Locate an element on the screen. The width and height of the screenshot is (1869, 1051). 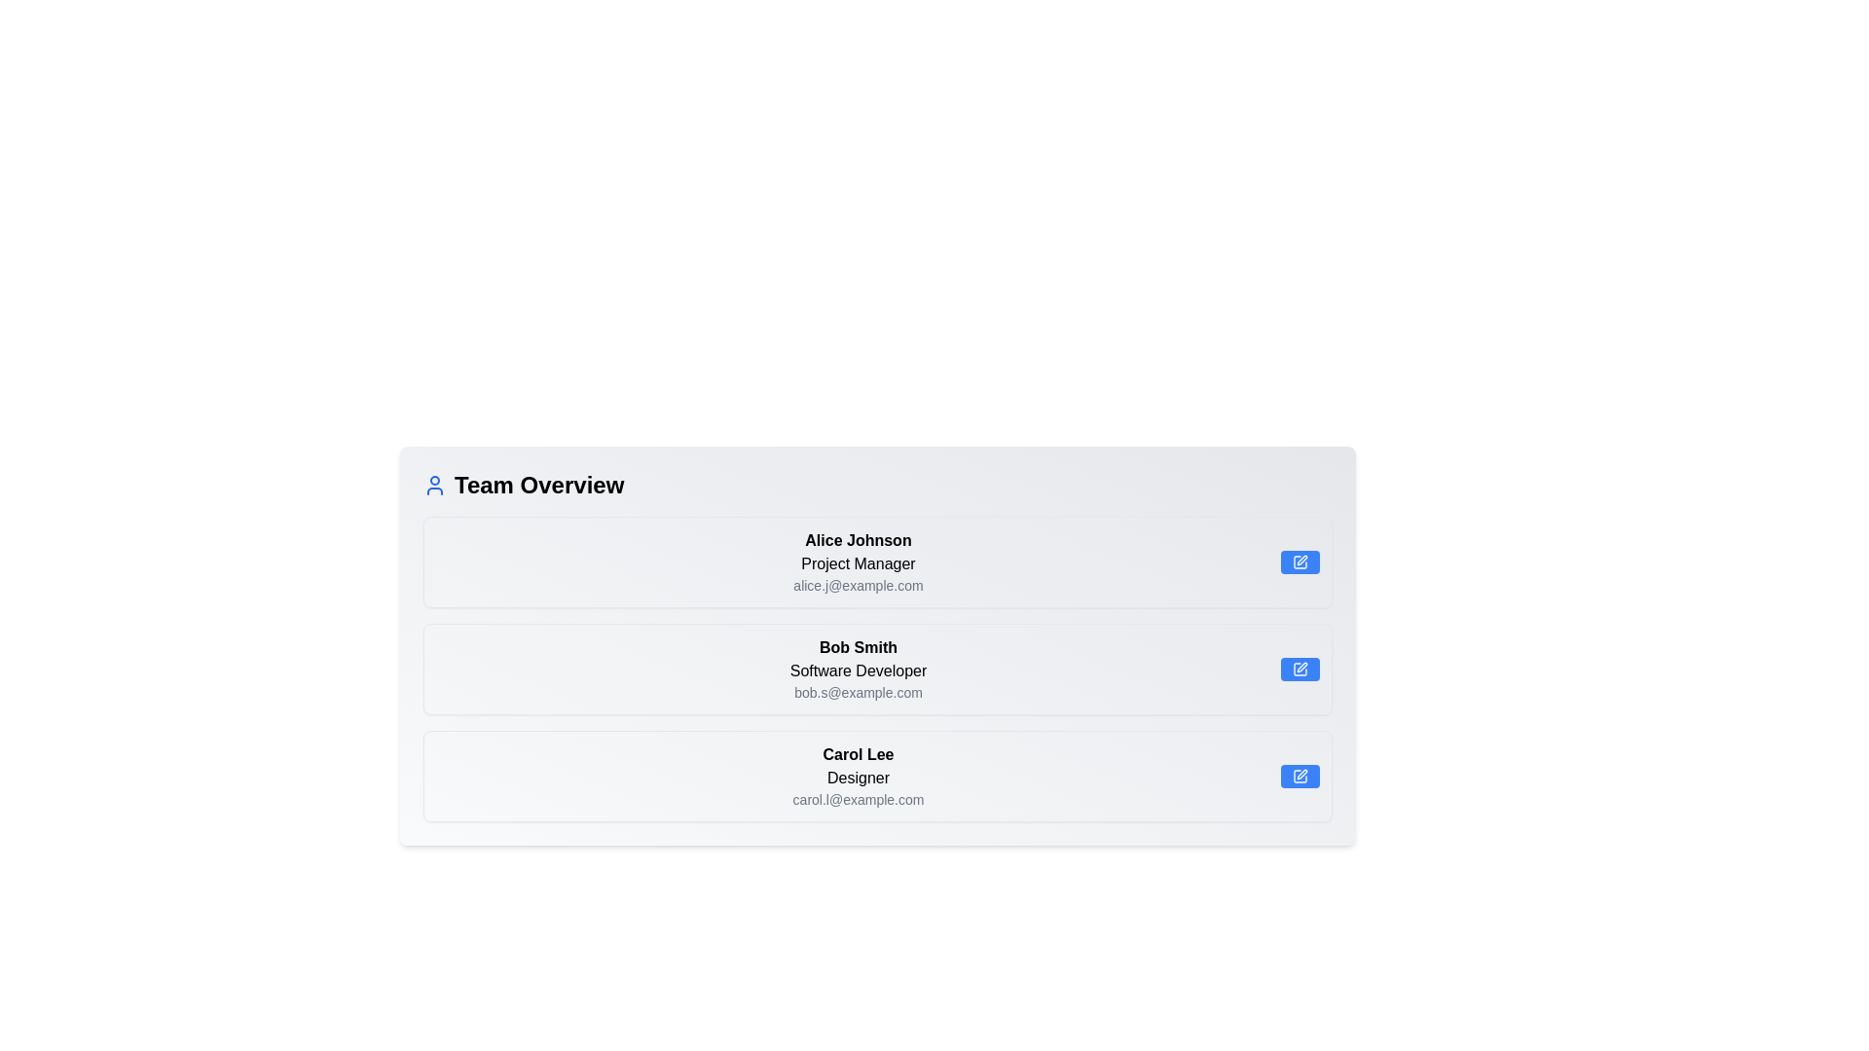
the editing icon represented by a square-pen next to the entry labeled 'Alice Johnson' in the team members list is located at coordinates (1300, 562).